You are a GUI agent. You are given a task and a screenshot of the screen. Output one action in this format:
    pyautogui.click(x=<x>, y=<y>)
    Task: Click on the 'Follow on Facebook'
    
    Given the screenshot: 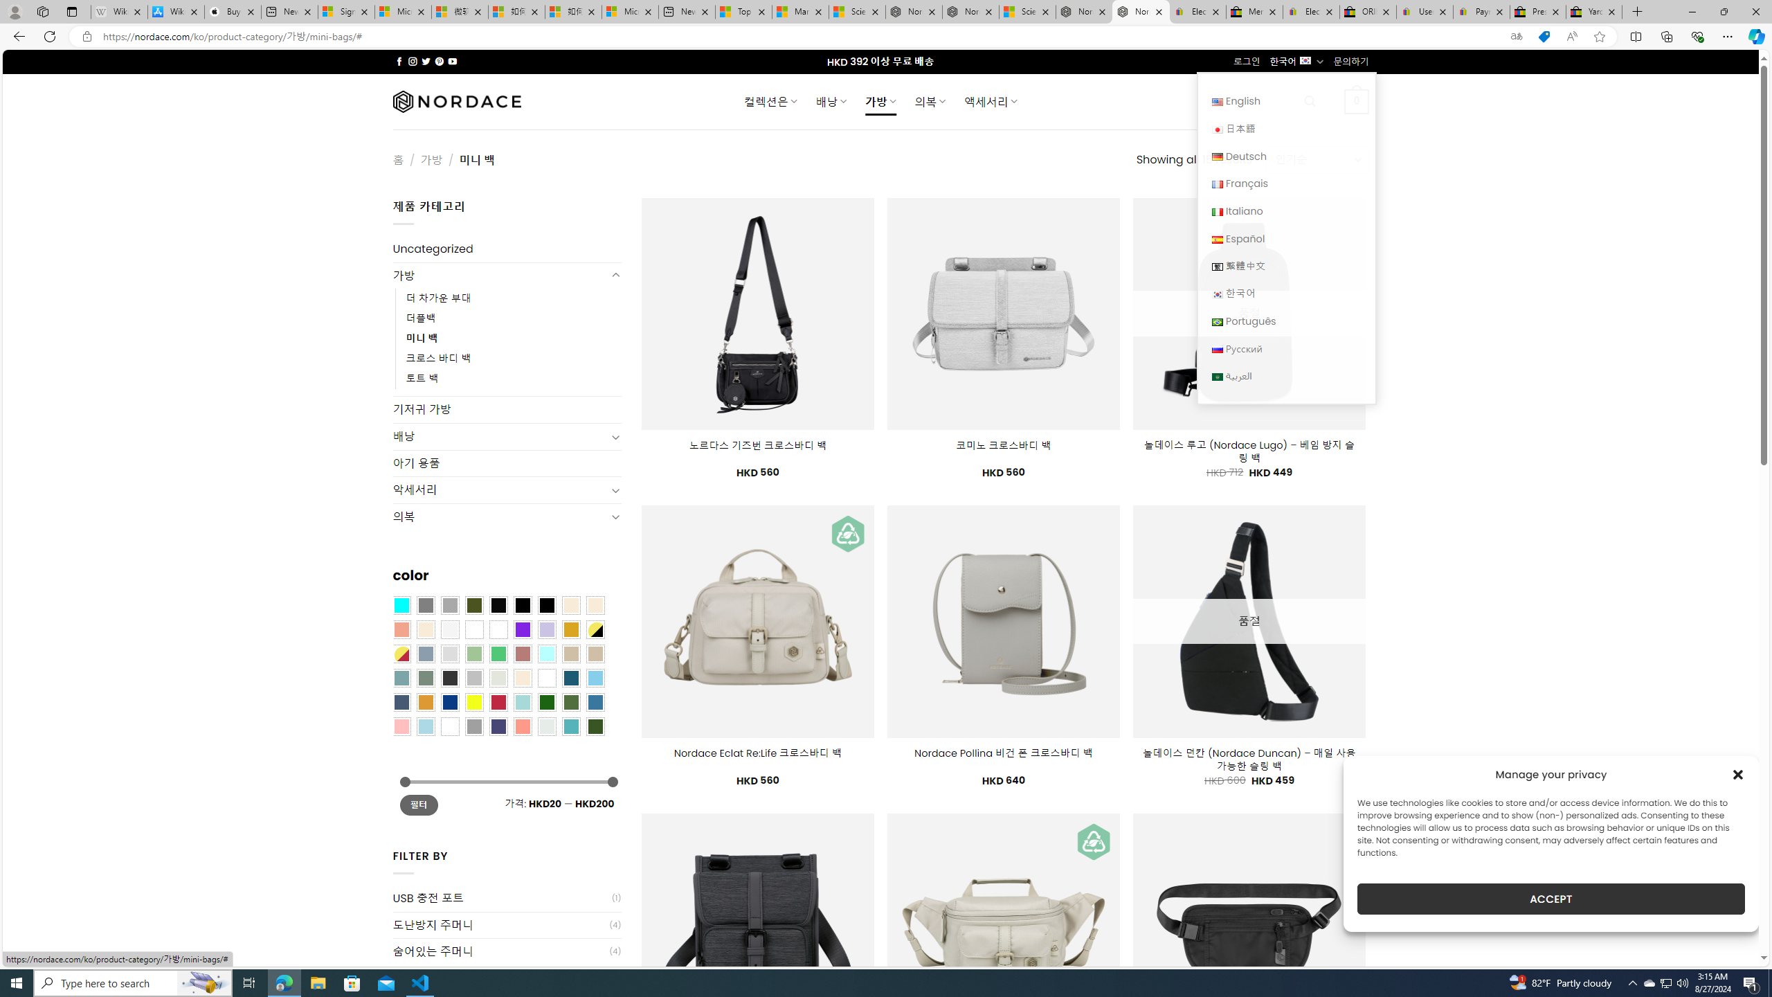 What is the action you would take?
    pyautogui.click(x=399, y=61)
    